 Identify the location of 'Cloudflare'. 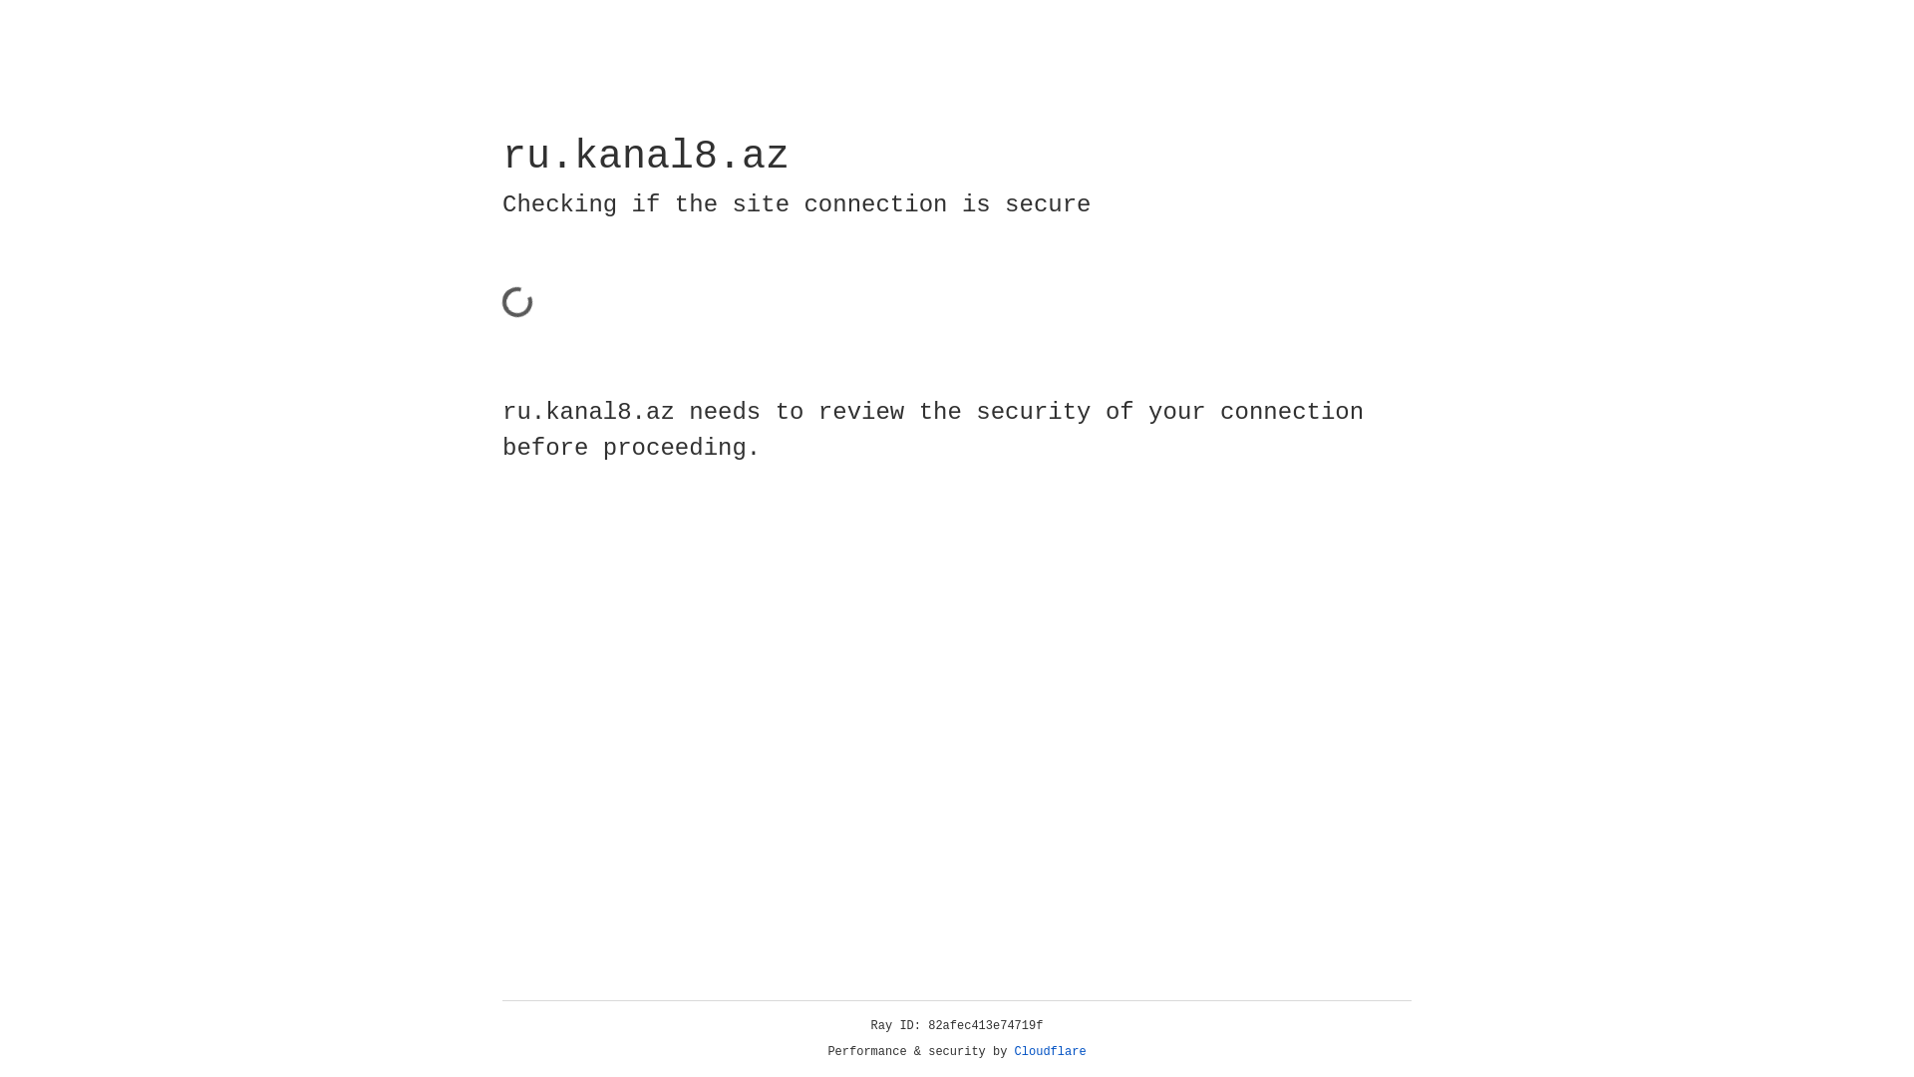
(1014, 1051).